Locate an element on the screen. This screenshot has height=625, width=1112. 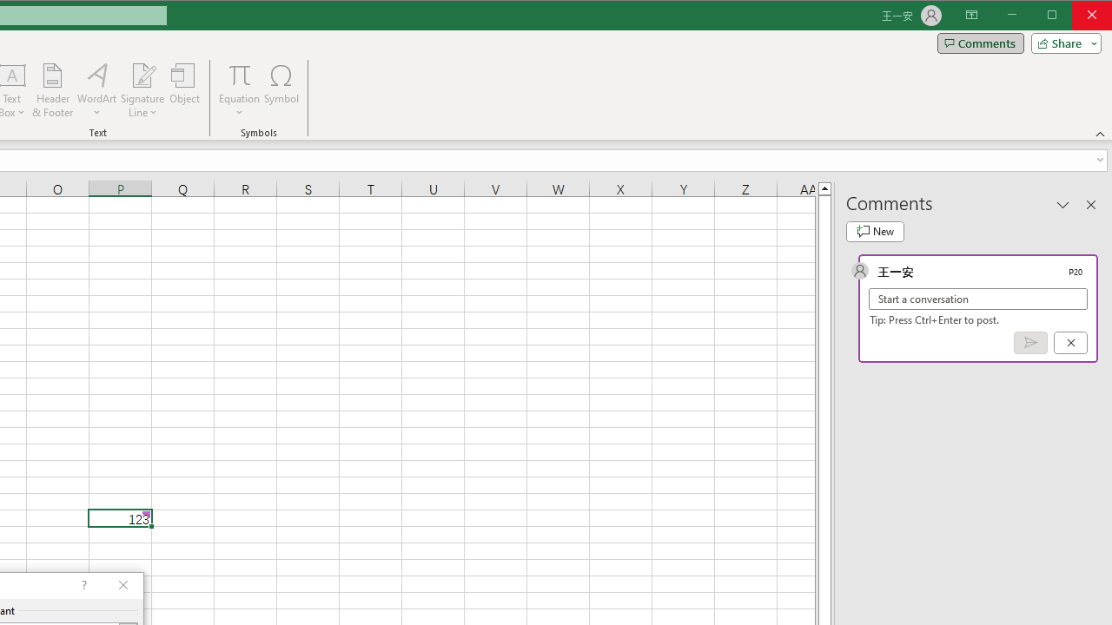
'Signature Line' is located at coordinates (142, 74).